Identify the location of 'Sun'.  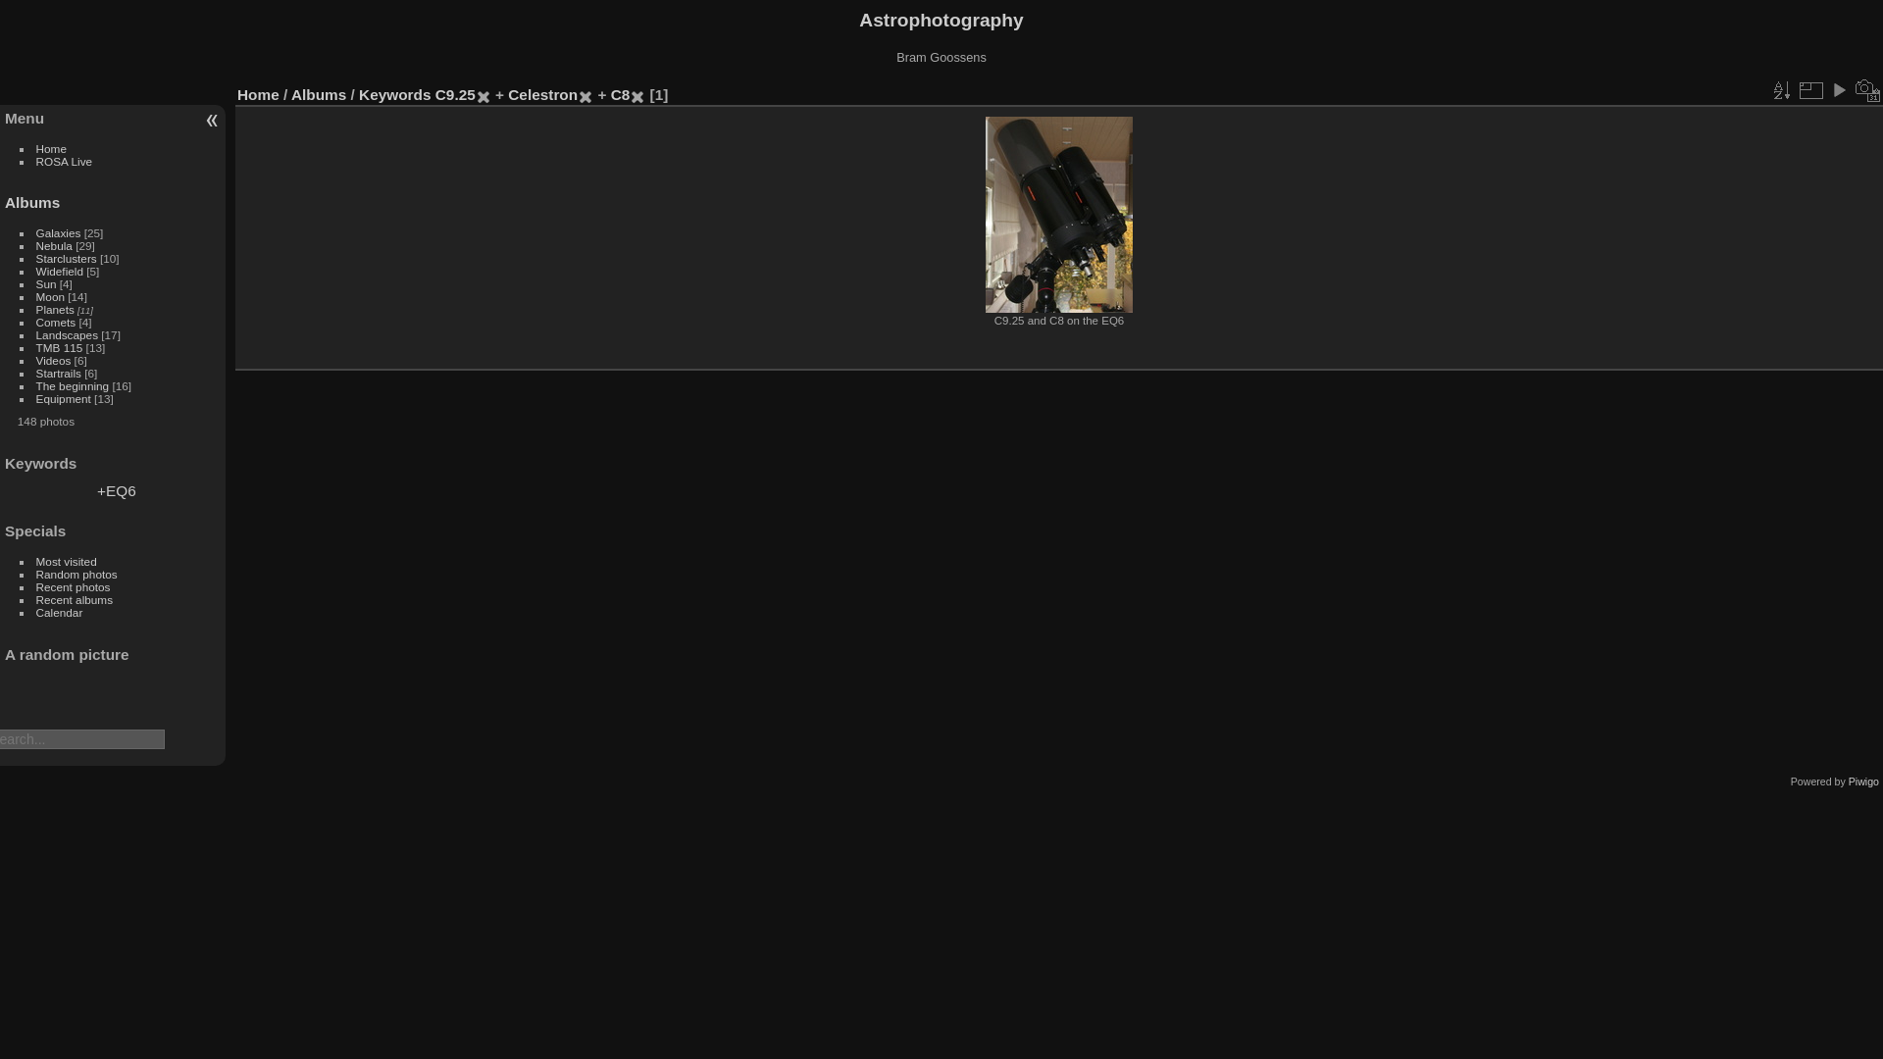
(46, 283).